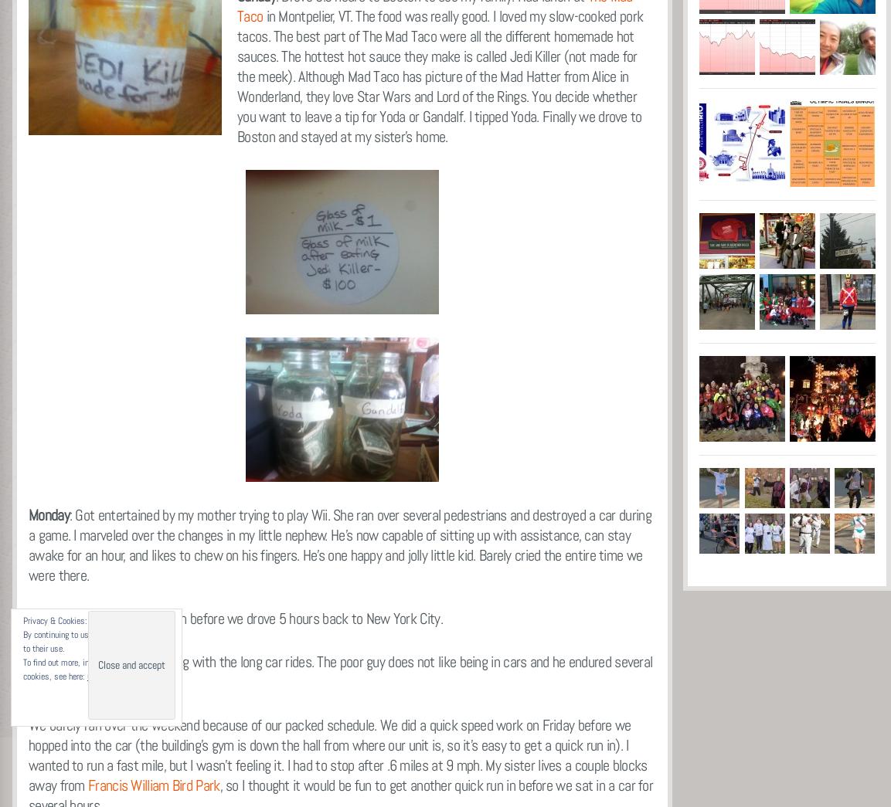 The image size is (891, 807). Describe the element at coordinates (339, 543) in the screenshot. I see `': Got entertained by my mother trying to play Wii. She ran over several pedestrians and destroyed a car during a game. I marveled over the changes in my little nephew. He’s now capable of sitting up with assistance, can stay awake for an hour, and likes to chew on his fingers. He’s one happy and jolly little kid. Barely cried the entire time we were there.'` at that location.